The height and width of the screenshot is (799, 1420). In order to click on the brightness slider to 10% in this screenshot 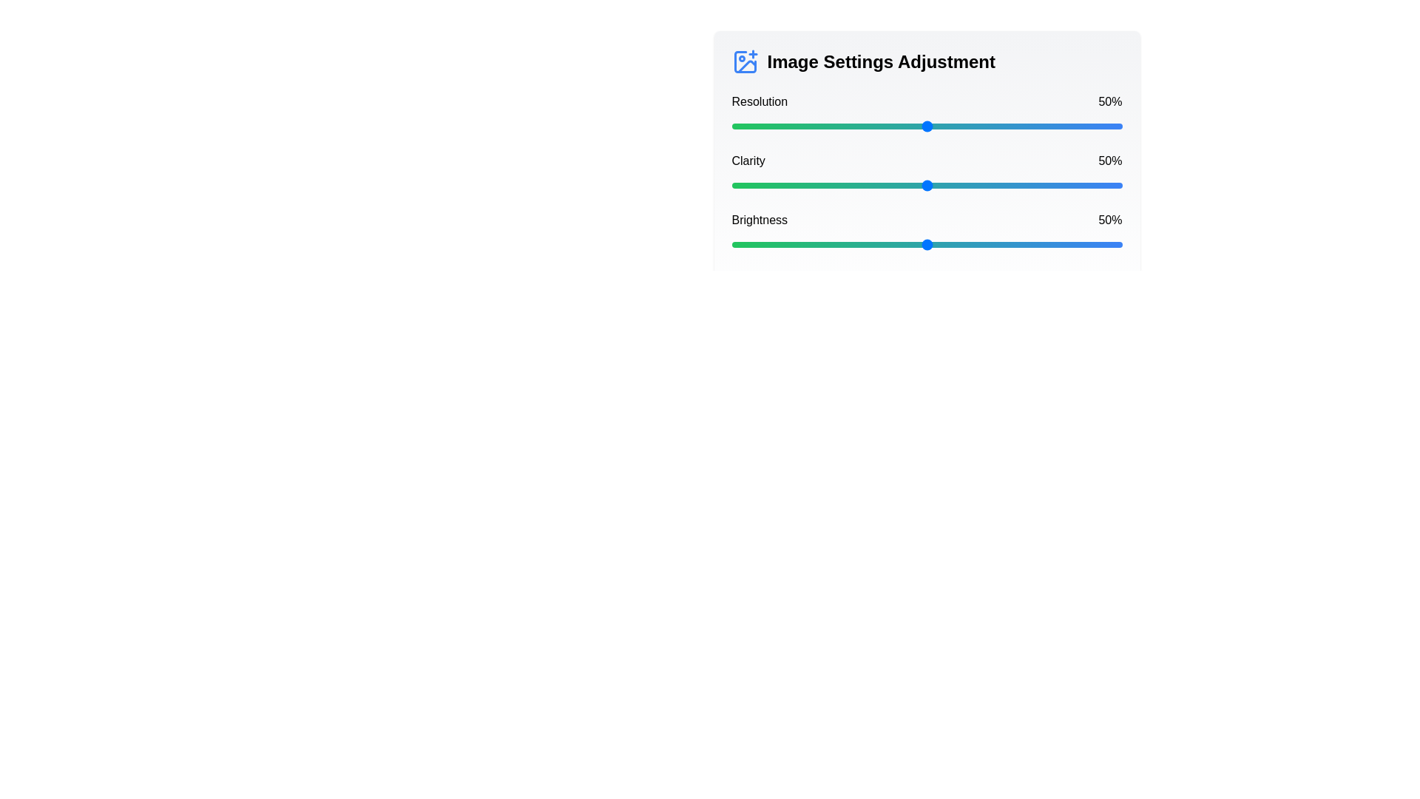, I will do `click(770, 244)`.